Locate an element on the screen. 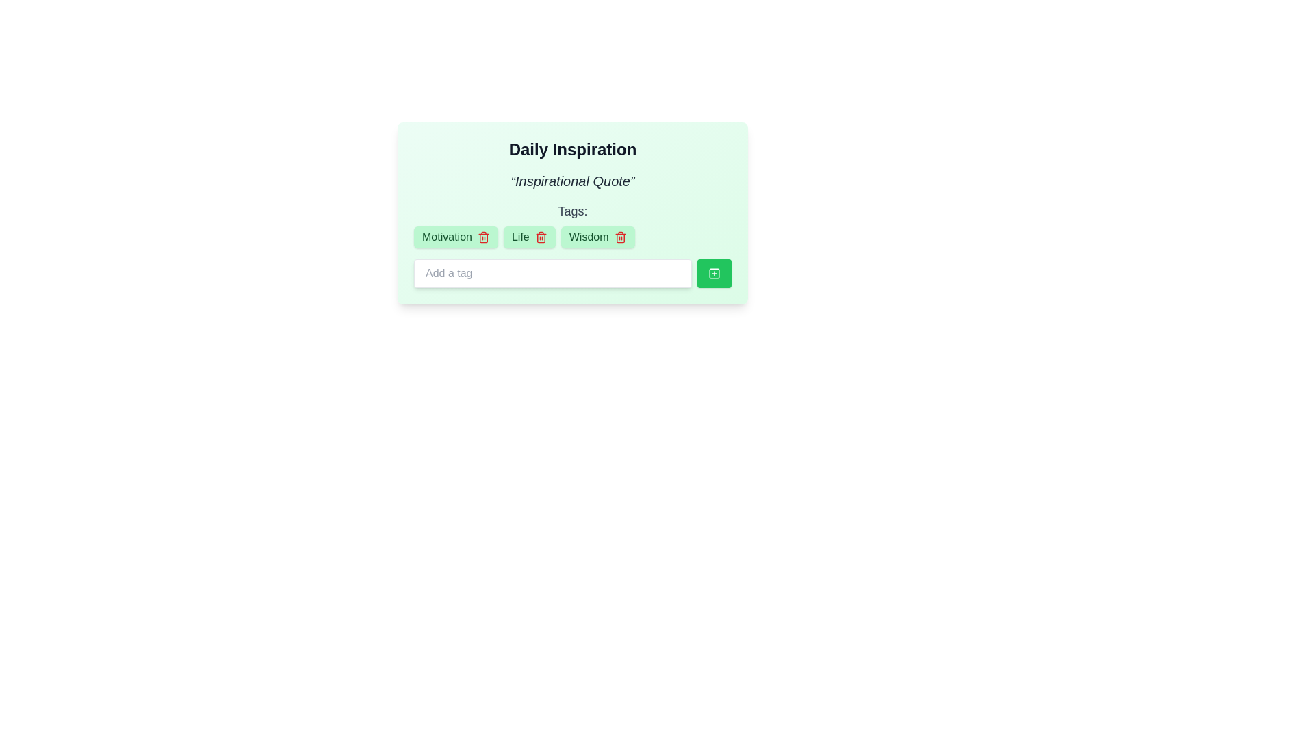 The width and height of the screenshot is (1314, 739). the informational Text Display that presents a quote, located beneath the title 'Daily Inspiration' and above the 'Tags:' section is located at coordinates (572, 181).